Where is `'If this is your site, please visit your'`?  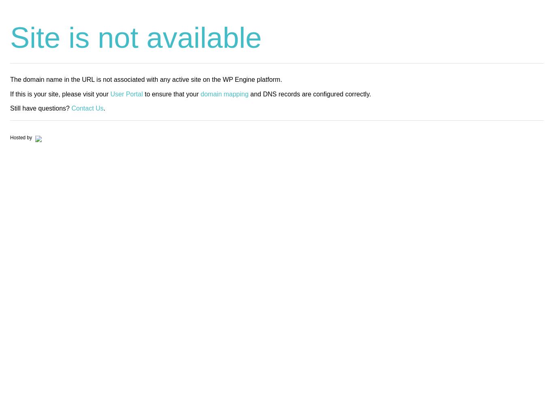
'If this is your site, please visit your' is located at coordinates (60, 93).